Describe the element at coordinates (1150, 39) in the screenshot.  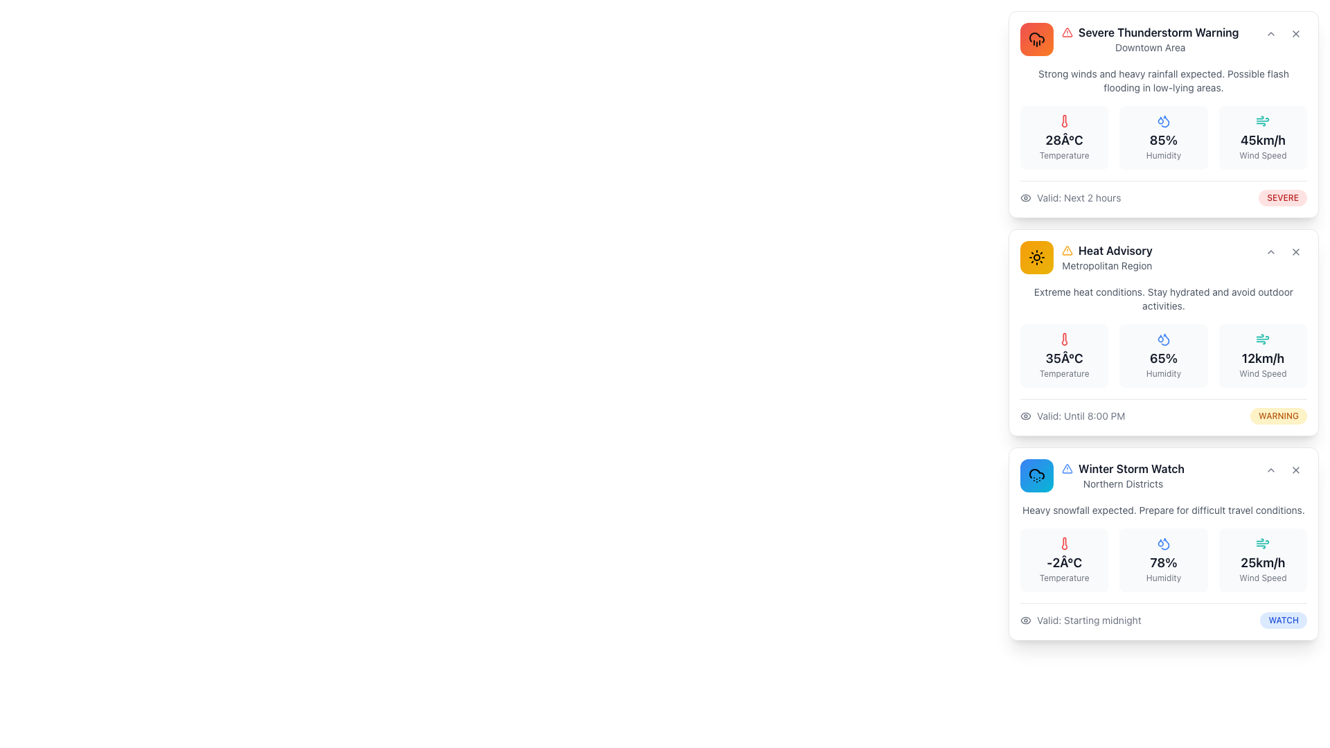
I see `severe weather alert information displayed in the Information banner, which includes the text 'Severe Thunderstorm Warning' and the subtitle 'Downtown Area' along with an alert icon` at that location.